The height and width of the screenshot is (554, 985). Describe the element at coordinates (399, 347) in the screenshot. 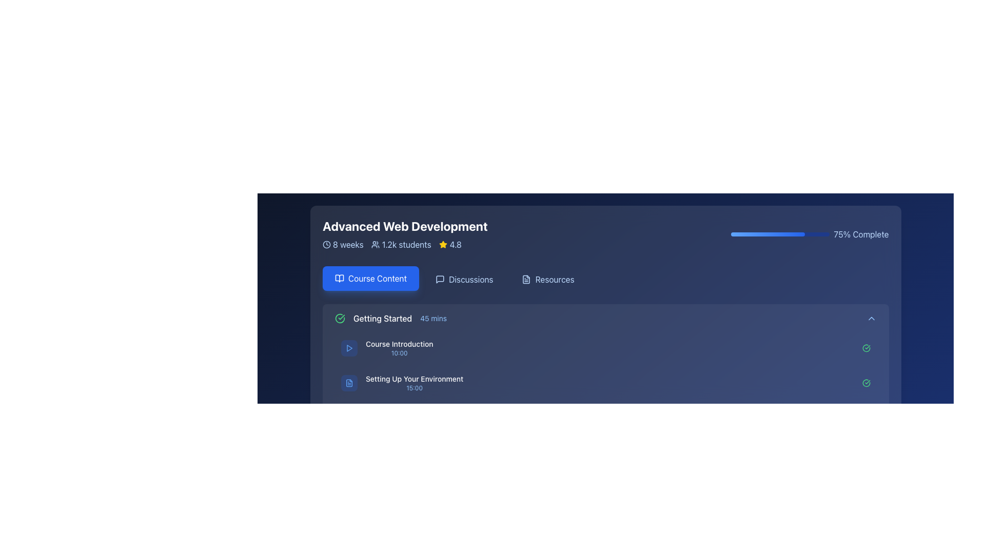

I see `information displayed in the label containing 'Course Introduction' and '10:00' on a dark blue background, which is associated with a video resource indicated by a preceding play button` at that location.